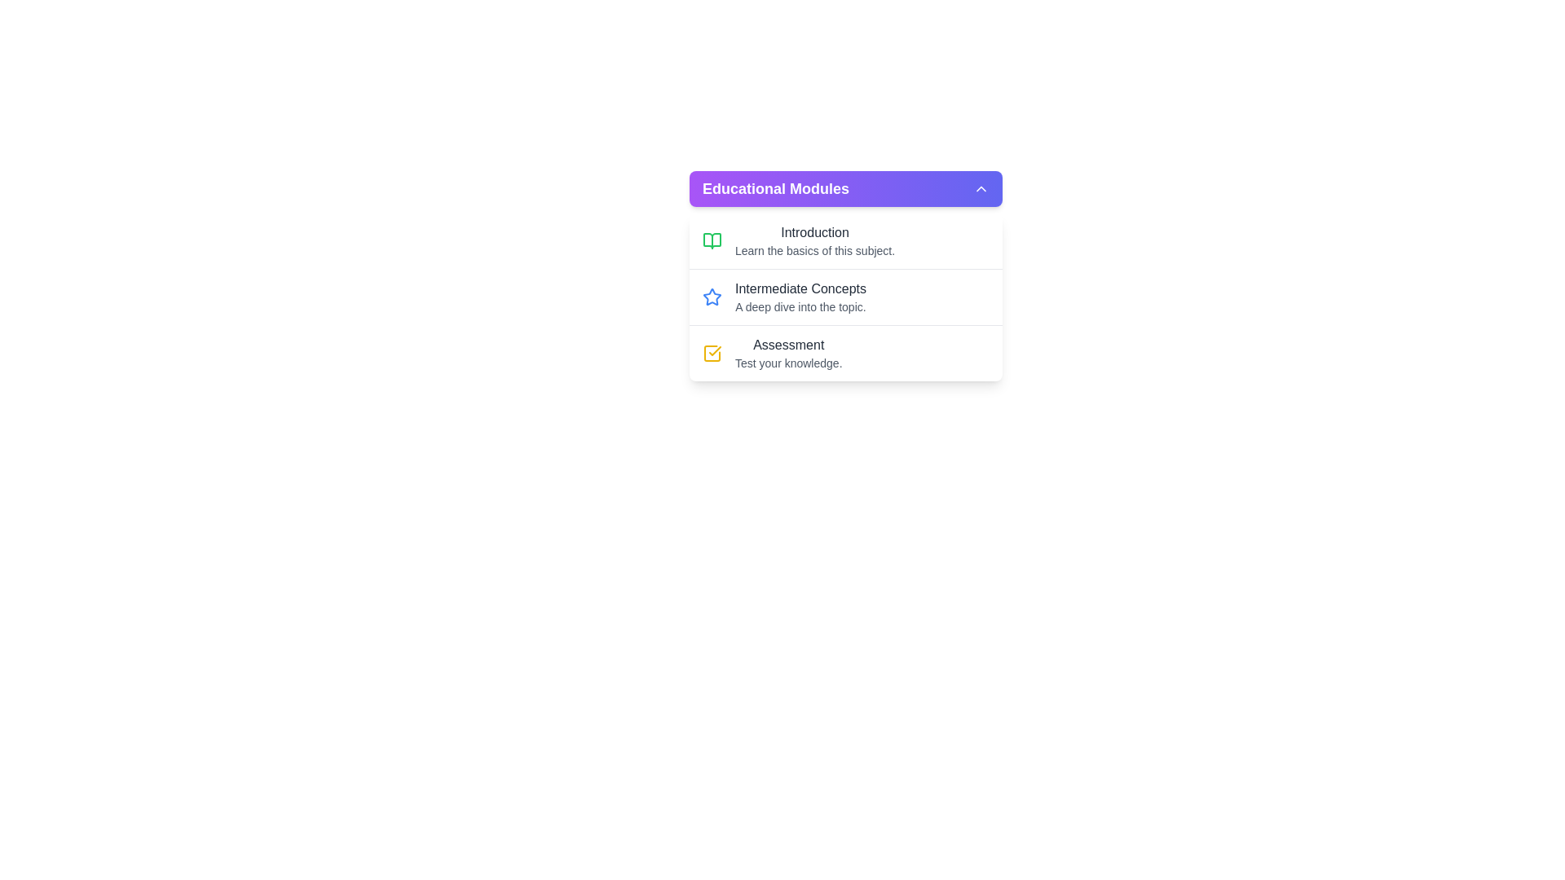 The image size is (1565, 880). What do you see at coordinates (845, 351) in the screenshot?
I see `the third selectable card in the 'Educational Modules' dropdown menu` at bounding box center [845, 351].